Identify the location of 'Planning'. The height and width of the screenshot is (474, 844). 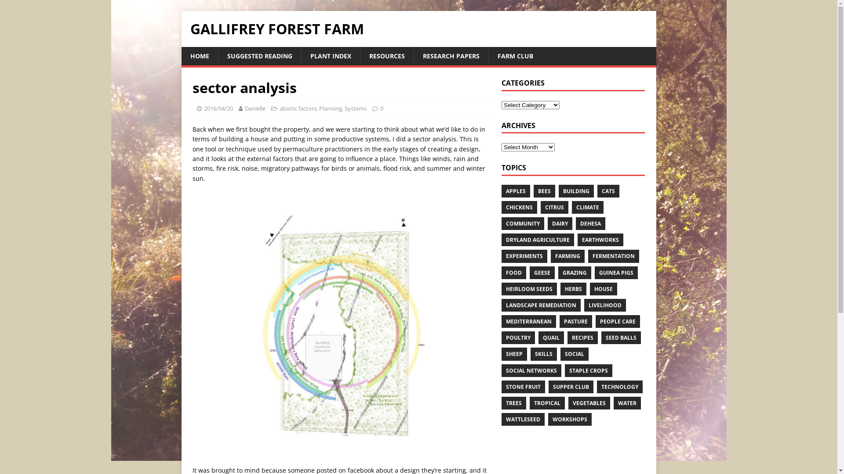
(330, 108).